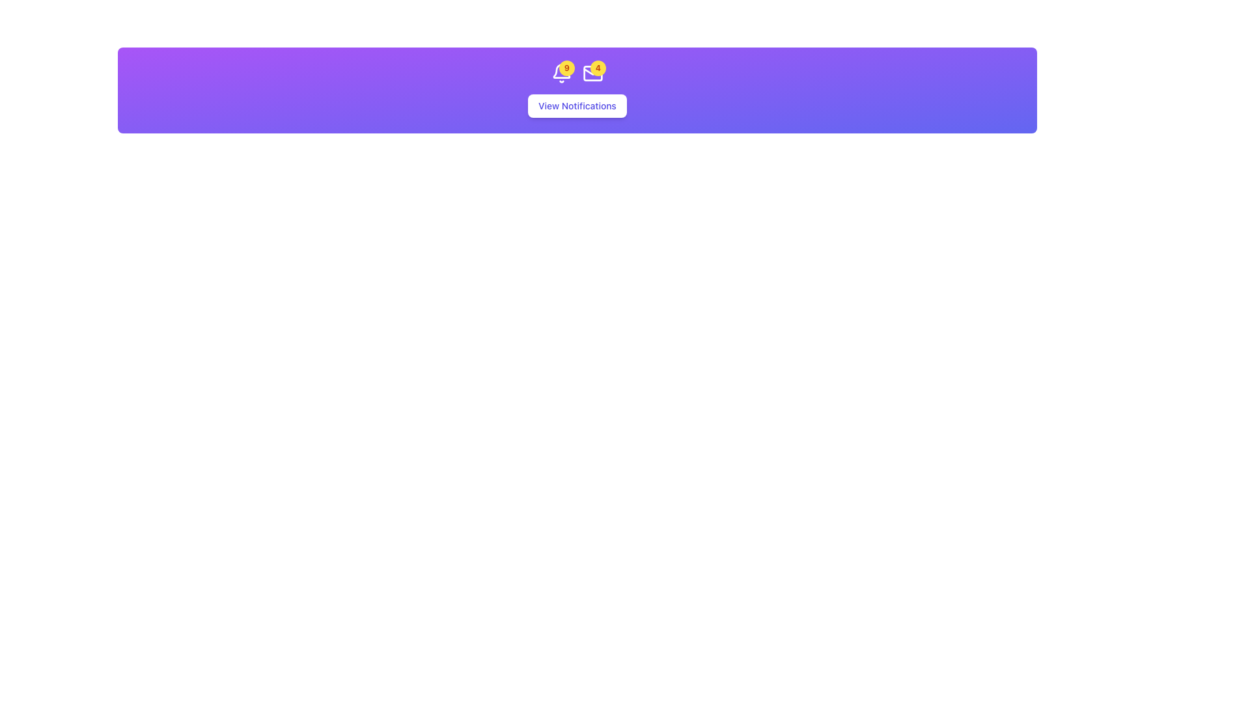 Image resolution: width=1250 pixels, height=703 pixels. Describe the element at coordinates (562, 73) in the screenshot. I see `the Notification icon with badge, which serves as an indicator for new or unread notifications` at that location.